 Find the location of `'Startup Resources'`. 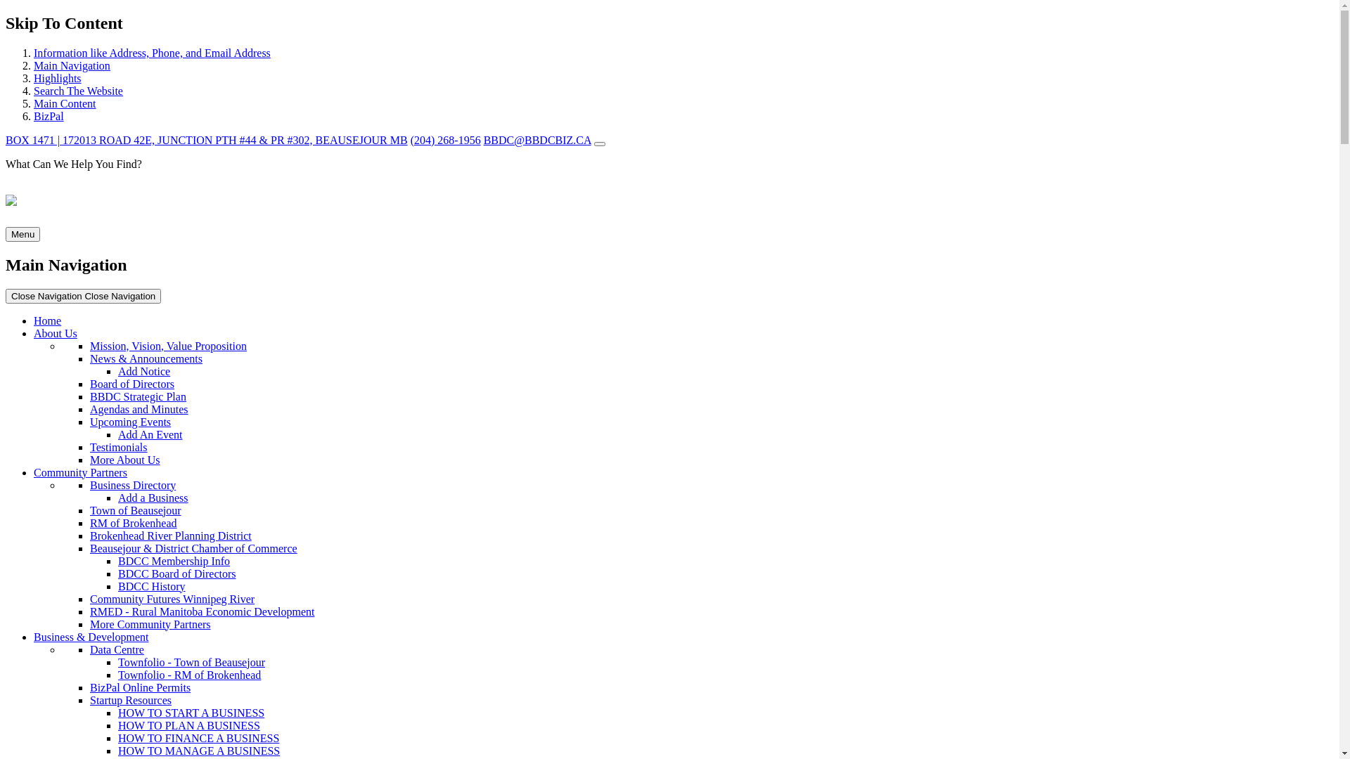

'Startup Resources' is located at coordinates (131, 700).